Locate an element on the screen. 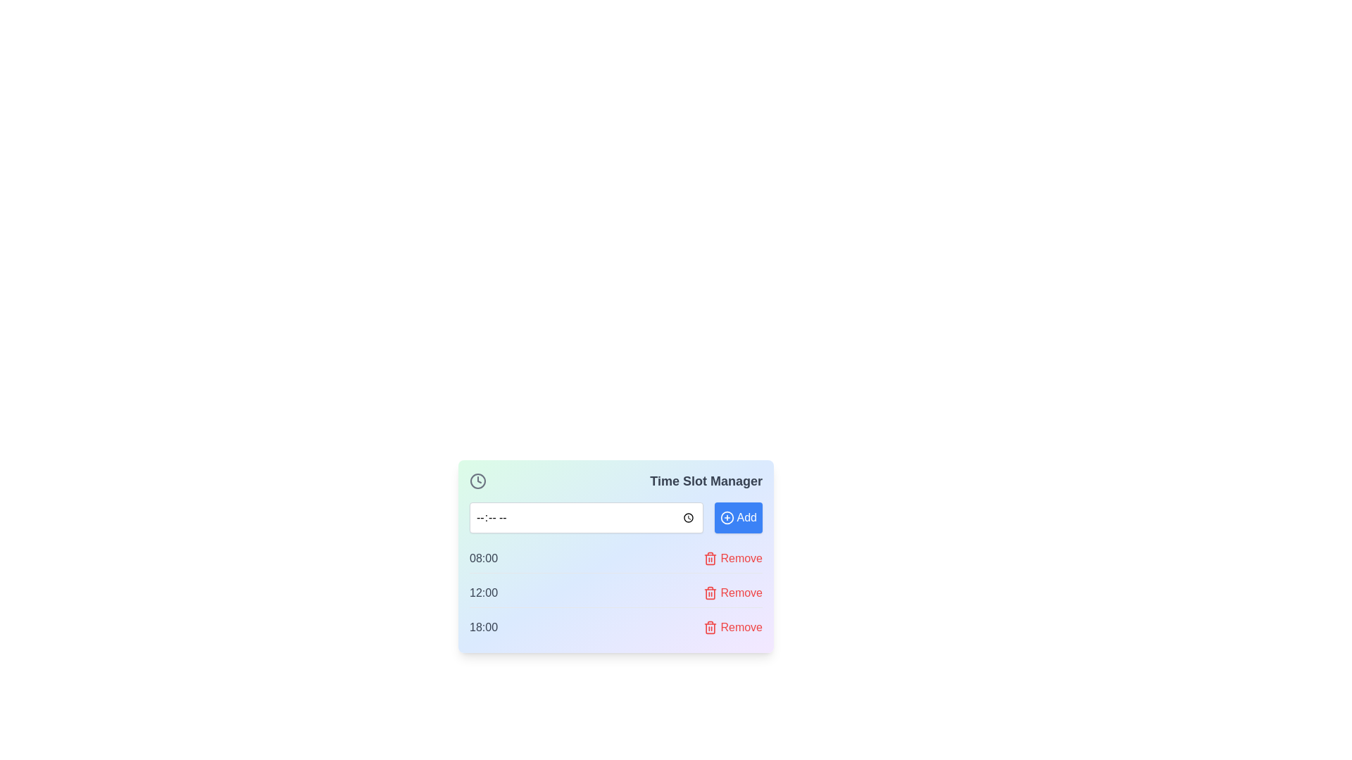  the small circular clock icon located to the left of the 'Time Slot Manager' header text is located at coordinates (477, 480).